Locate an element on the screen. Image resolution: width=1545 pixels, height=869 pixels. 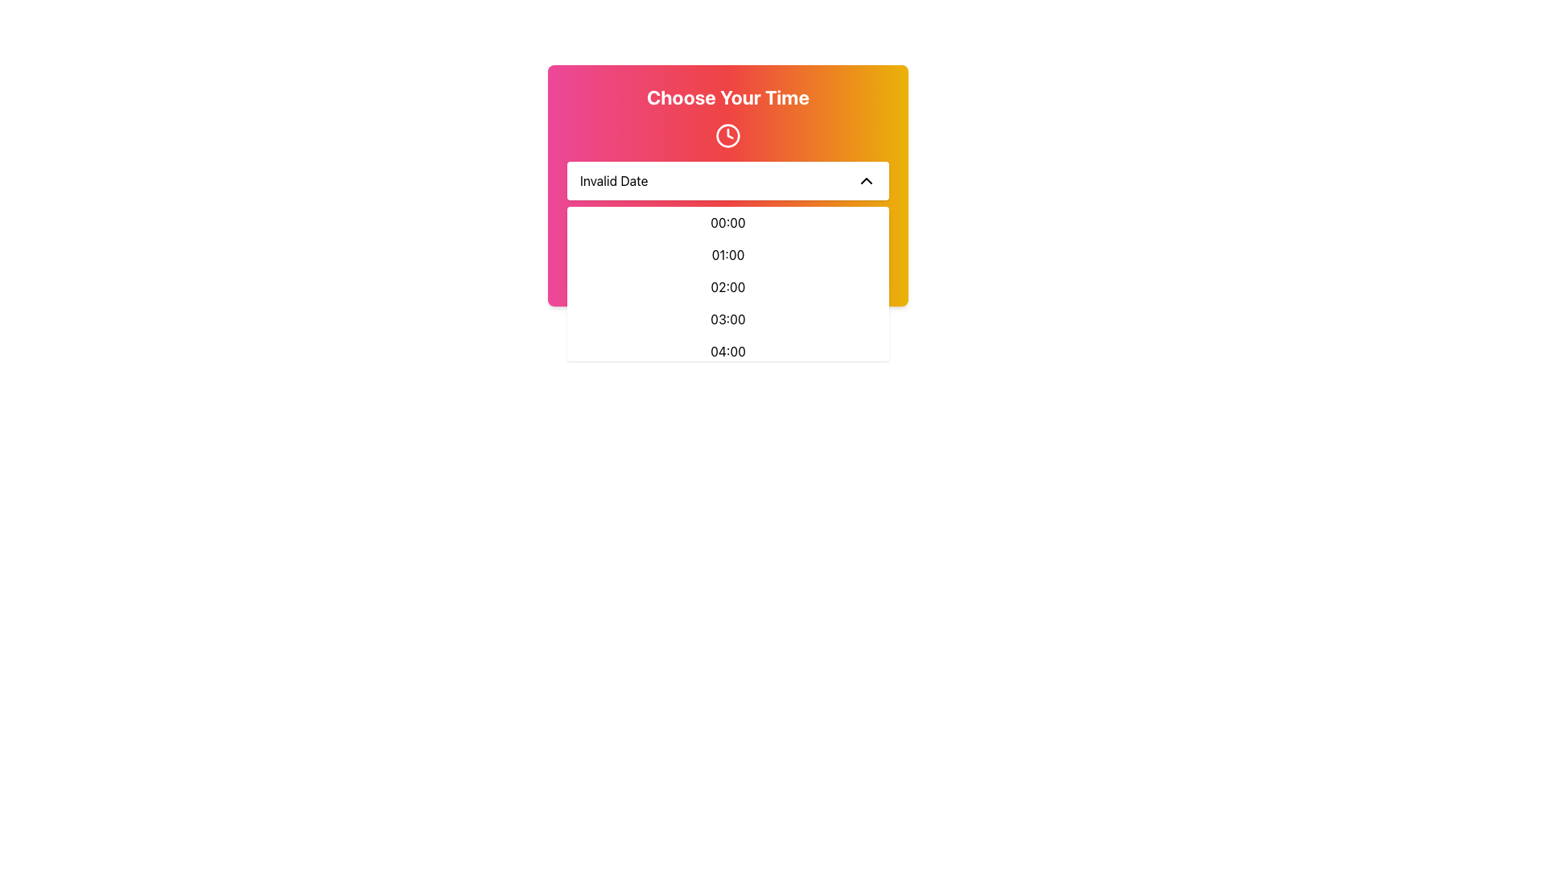
the '01:00' time option in the dropdown menu is located at coordinates (727, 253).